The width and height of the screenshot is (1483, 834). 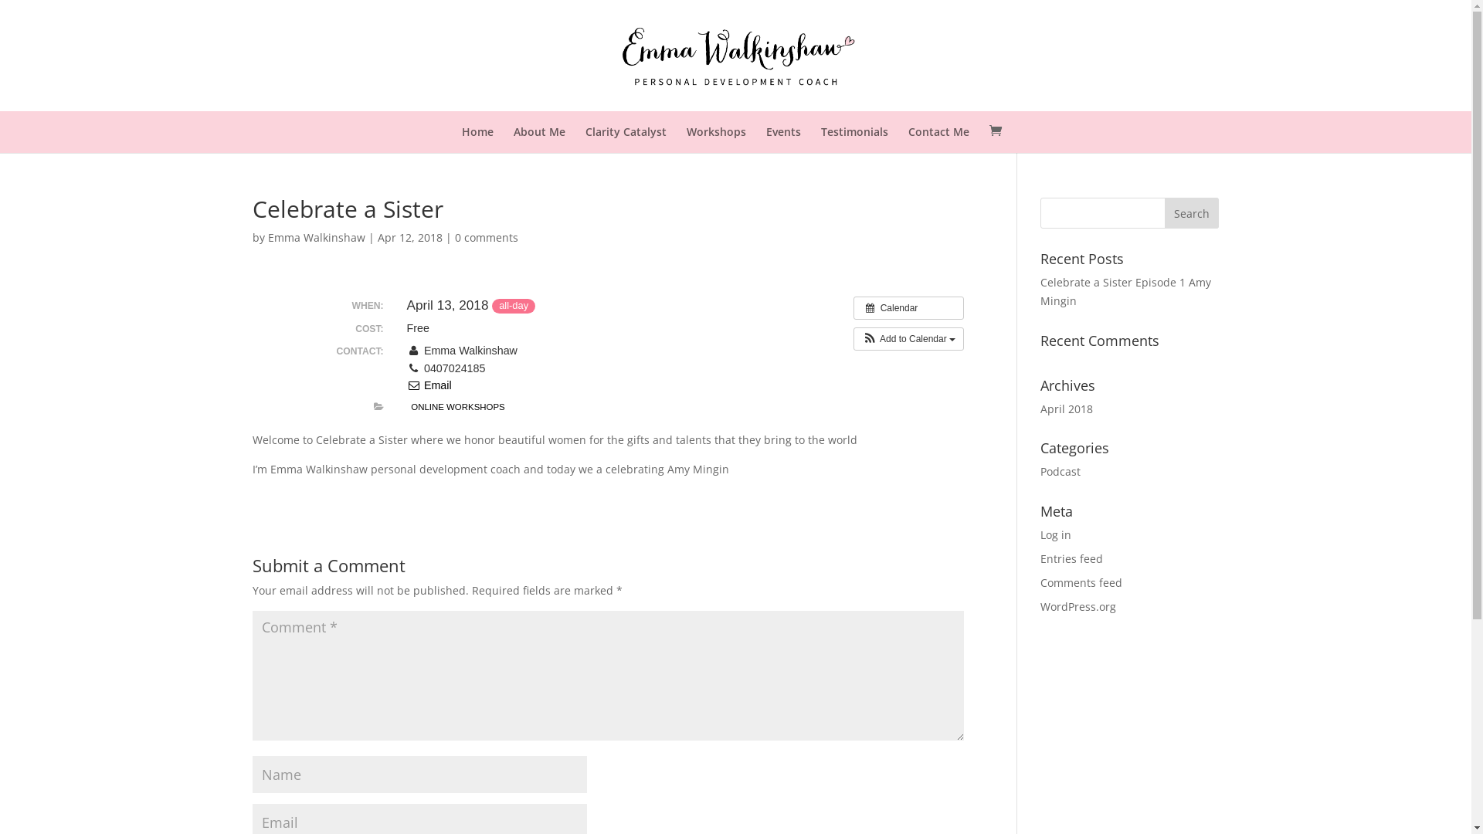 What do you see at coordinates (1077, 605) in the screenshot?
I see `'WordPress.org'` at bounding box center [1077, 605].